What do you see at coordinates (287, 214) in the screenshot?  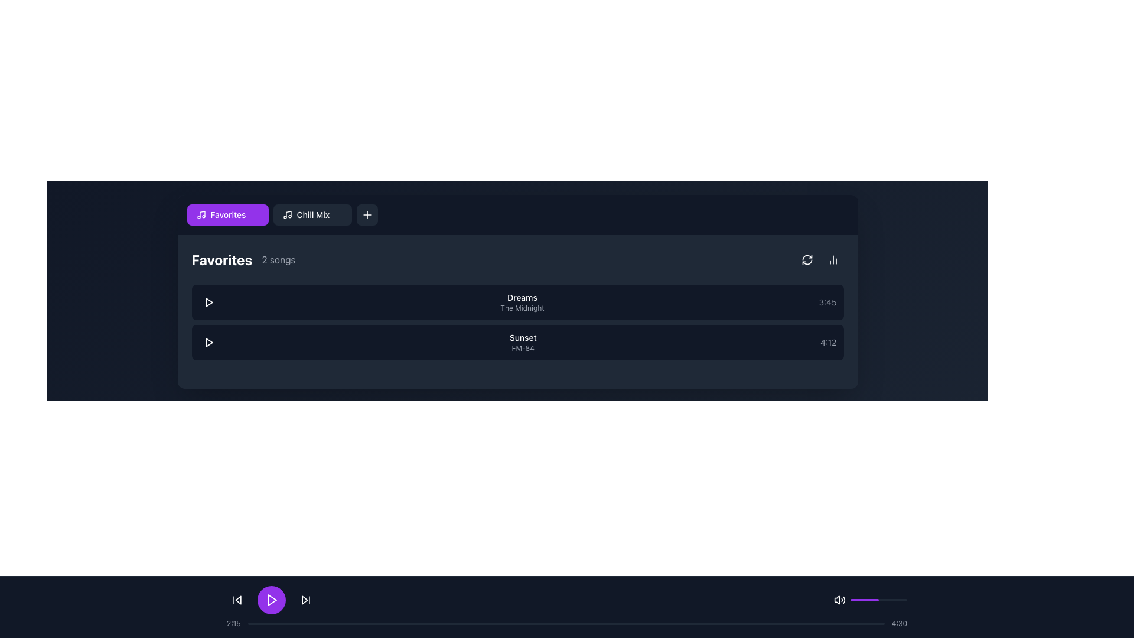 I see `the music playlist icon located on the left side of the 'Chill Mix' section in the navigation bar` at bounding box center [287, 214].